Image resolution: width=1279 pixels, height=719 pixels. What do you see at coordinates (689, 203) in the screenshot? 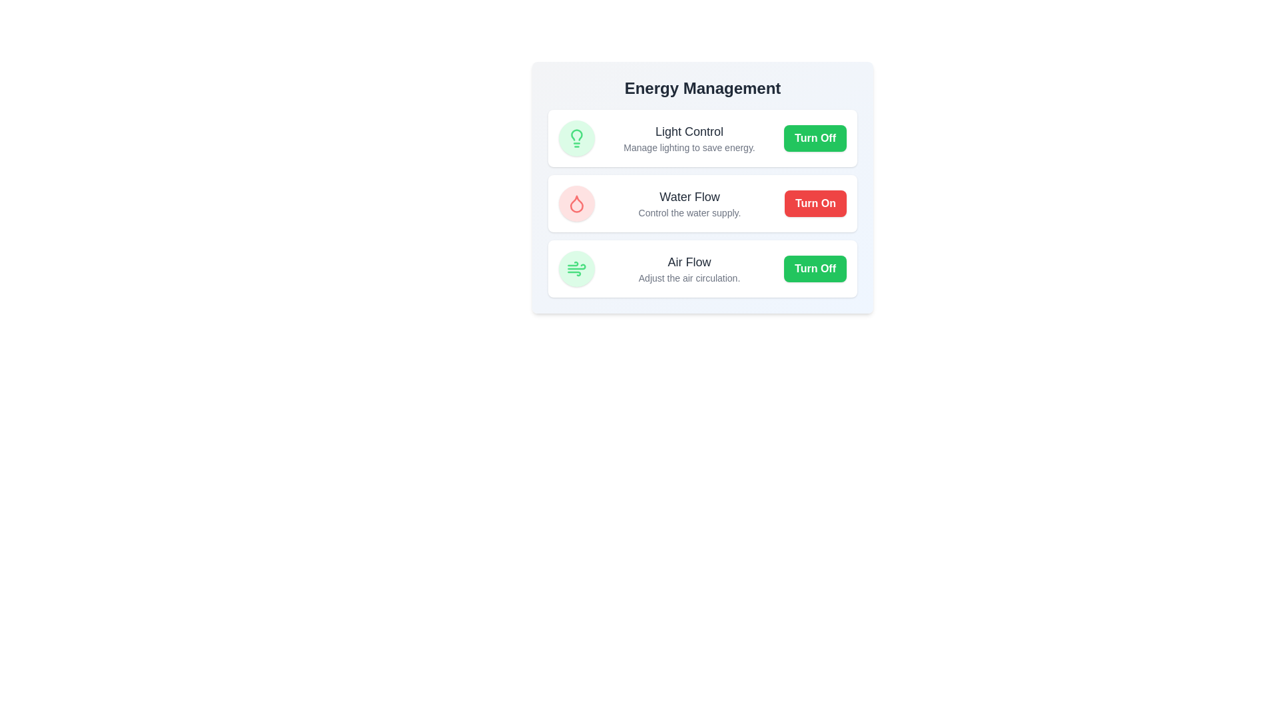
I see `the text element displaying 'Water Flow' with the subheading 'Control the water supply.' which is centrally aligned in the second section of the vertical list` at bounding box center [689, 203].